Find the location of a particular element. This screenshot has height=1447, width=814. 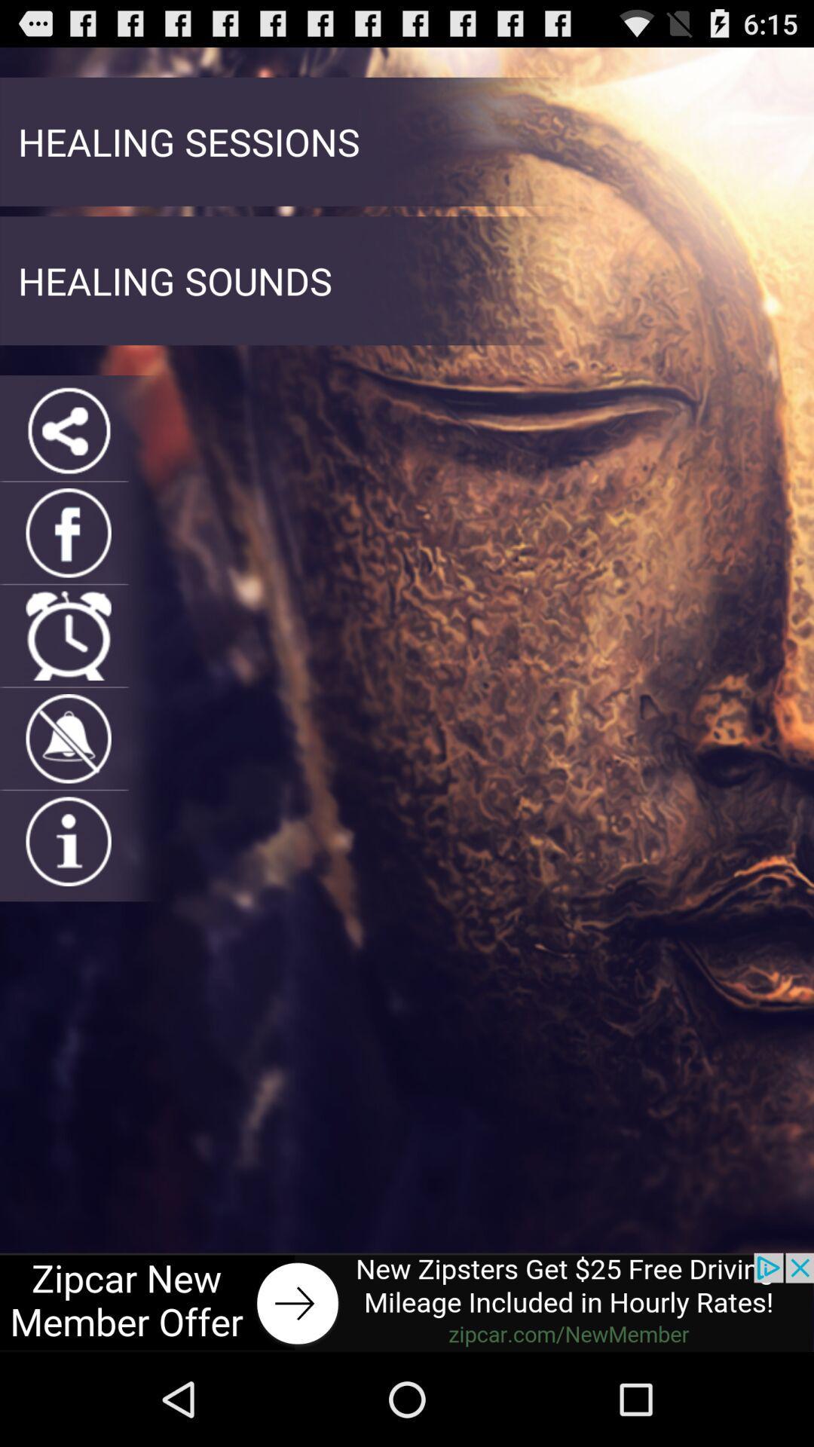

the time icon is located at coordinates (69, 679).